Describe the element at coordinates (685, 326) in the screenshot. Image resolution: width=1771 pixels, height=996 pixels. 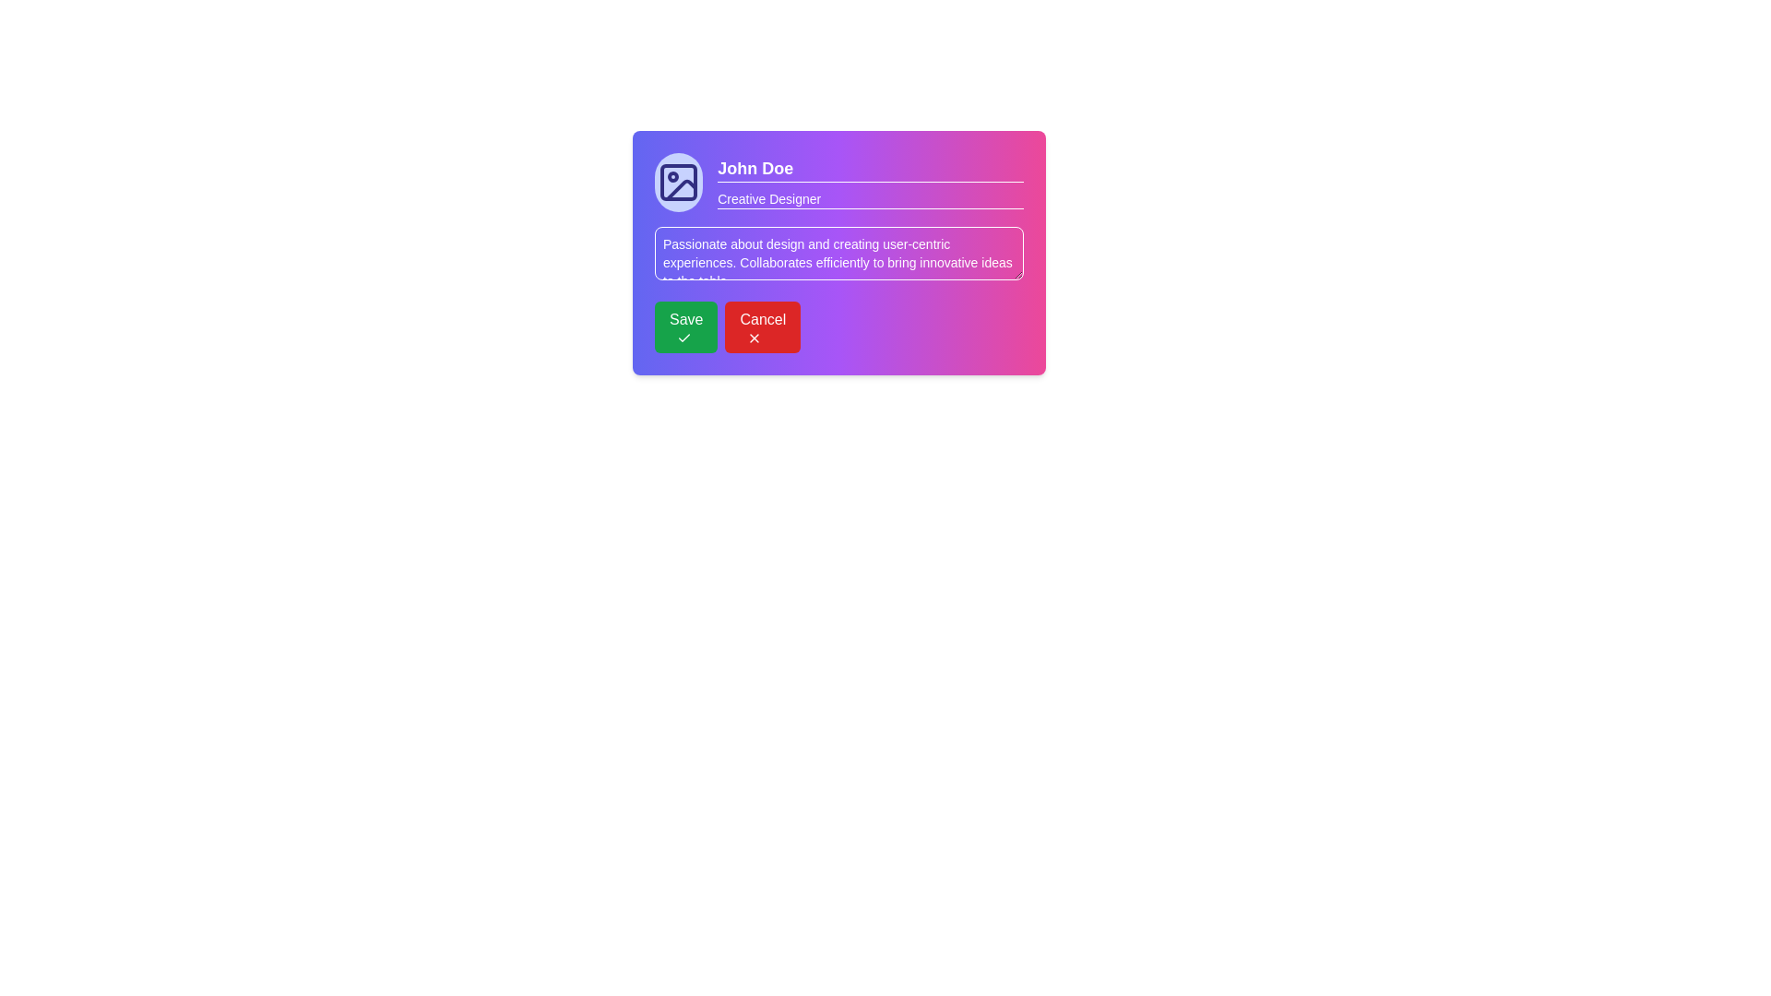
I see `the 'Save' button, which is a rectangular button with a green background and white text displaying 'Save', located on the left side of a horizontally-aligned group of buttons at the bottom of a card-like structure` at that location.